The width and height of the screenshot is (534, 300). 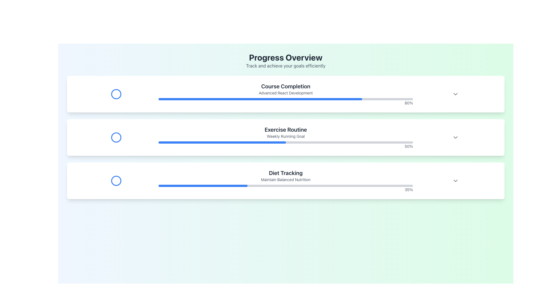 I want to click on the filled section of the Progress bar within the 'Diet Tracking' card to observe the completion percentage visually, so click(x=203, y=186).